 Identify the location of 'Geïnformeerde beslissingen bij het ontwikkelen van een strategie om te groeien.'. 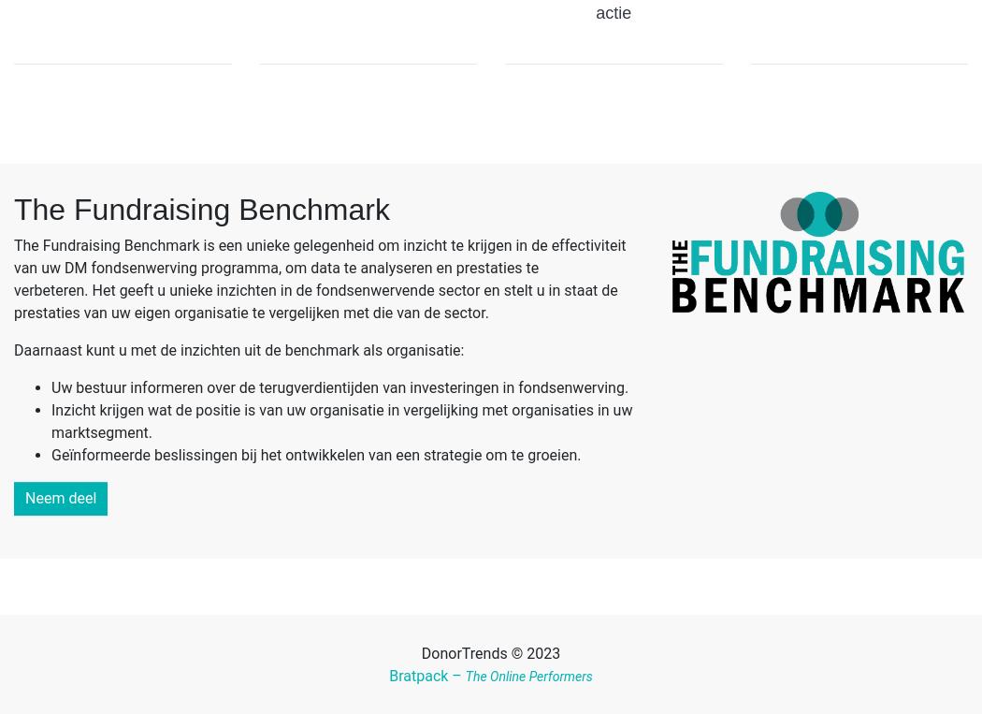
(315, 454).